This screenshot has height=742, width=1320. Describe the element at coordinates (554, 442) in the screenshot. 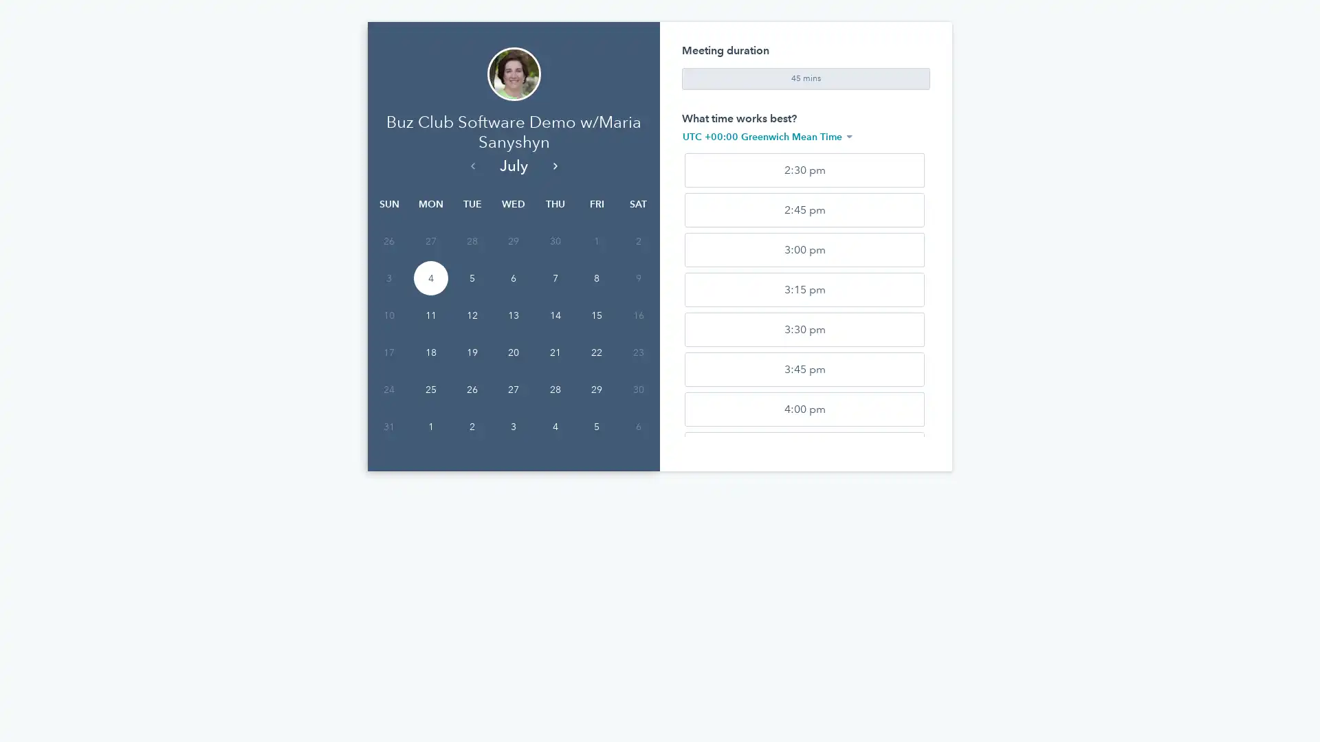

I see `July 28th` at that location.